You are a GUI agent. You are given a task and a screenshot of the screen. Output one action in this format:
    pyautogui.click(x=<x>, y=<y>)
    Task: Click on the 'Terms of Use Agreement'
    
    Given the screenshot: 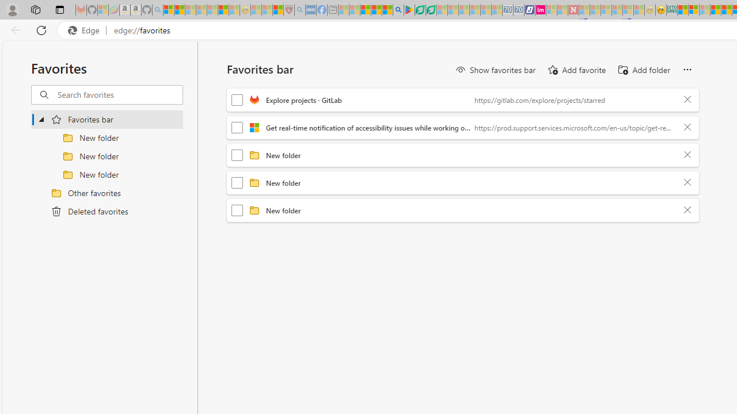 What is the action you would take?
    pyautogui.click(x=419, y=10)
    